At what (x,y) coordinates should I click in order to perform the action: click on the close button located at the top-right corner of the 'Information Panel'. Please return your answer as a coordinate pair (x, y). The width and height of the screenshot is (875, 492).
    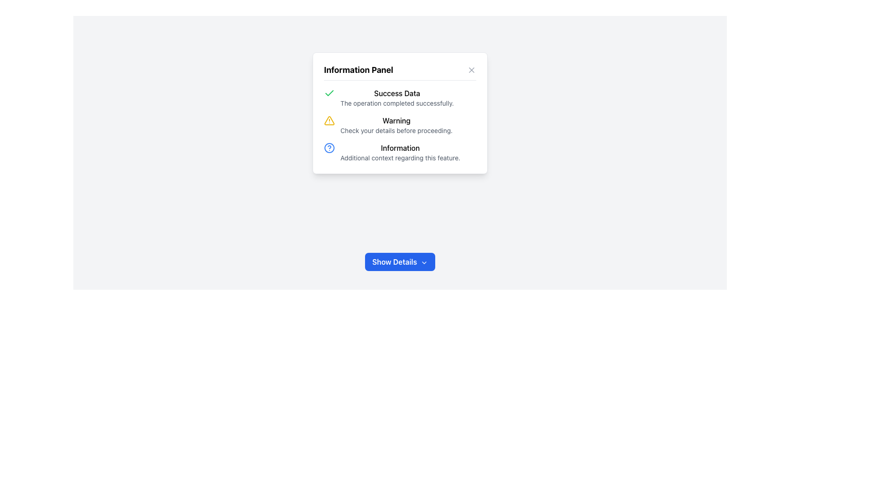
    Looking at the image, I should click on (472, 70).